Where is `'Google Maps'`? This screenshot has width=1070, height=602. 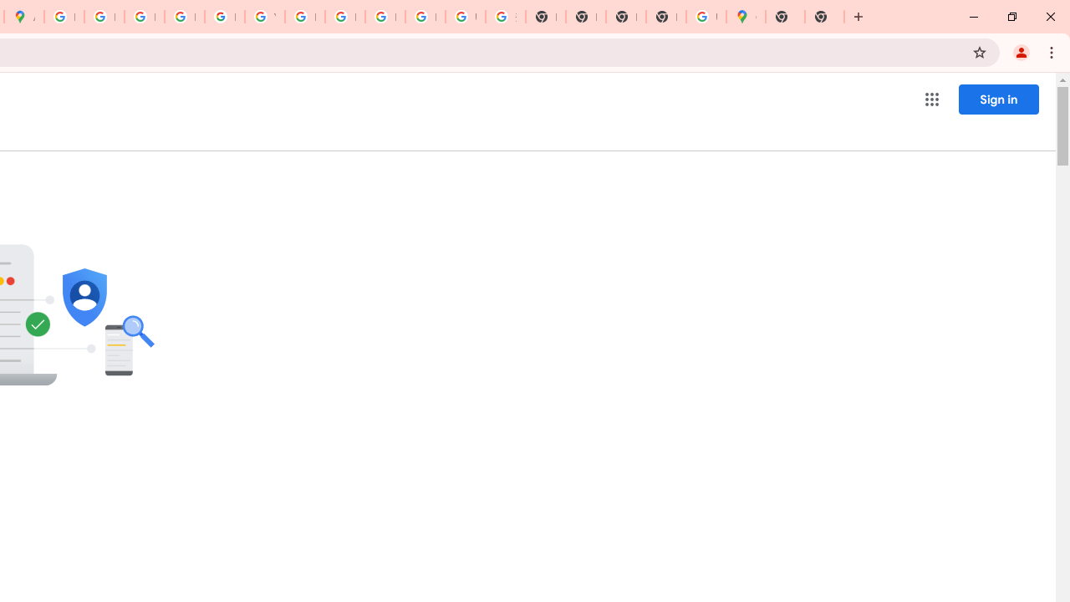 'Google Maps' is located at coordinates (745, 17).